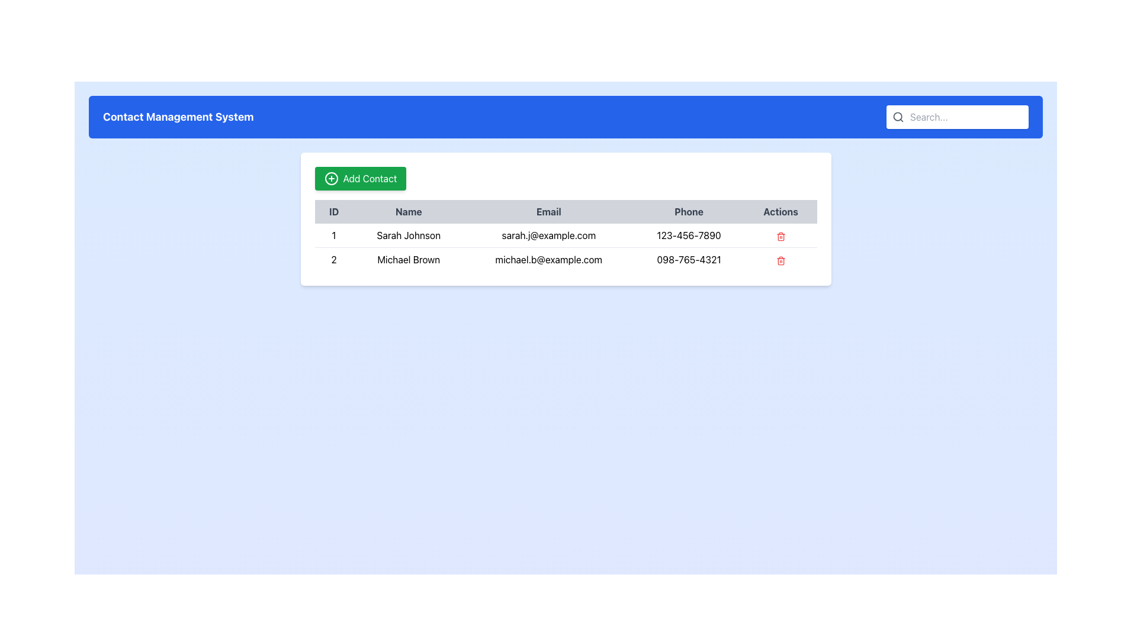 The height and width of the screenshot is (639, 1137). I want to click on the Static Text element labeled 'Contact Management System', which is styled in bold and large white font on a blue background, so click(178, 117).